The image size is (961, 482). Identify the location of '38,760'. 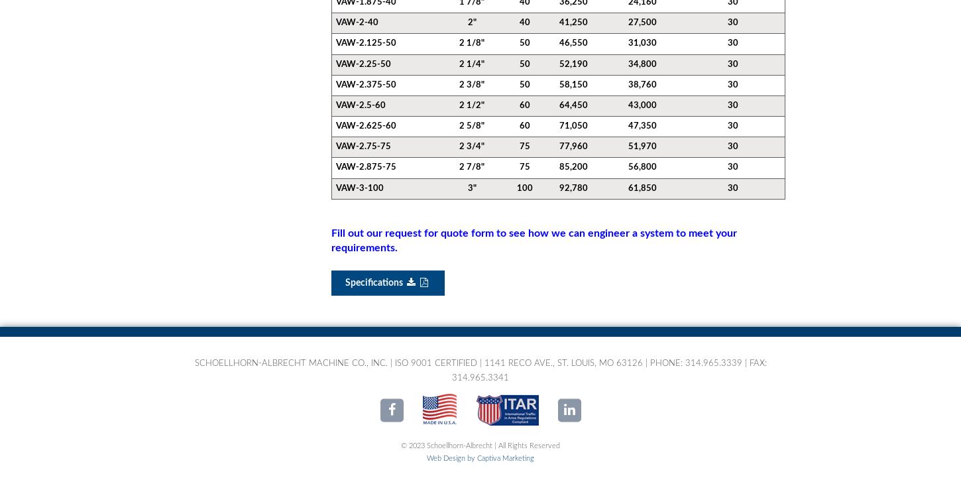
(642, 84).